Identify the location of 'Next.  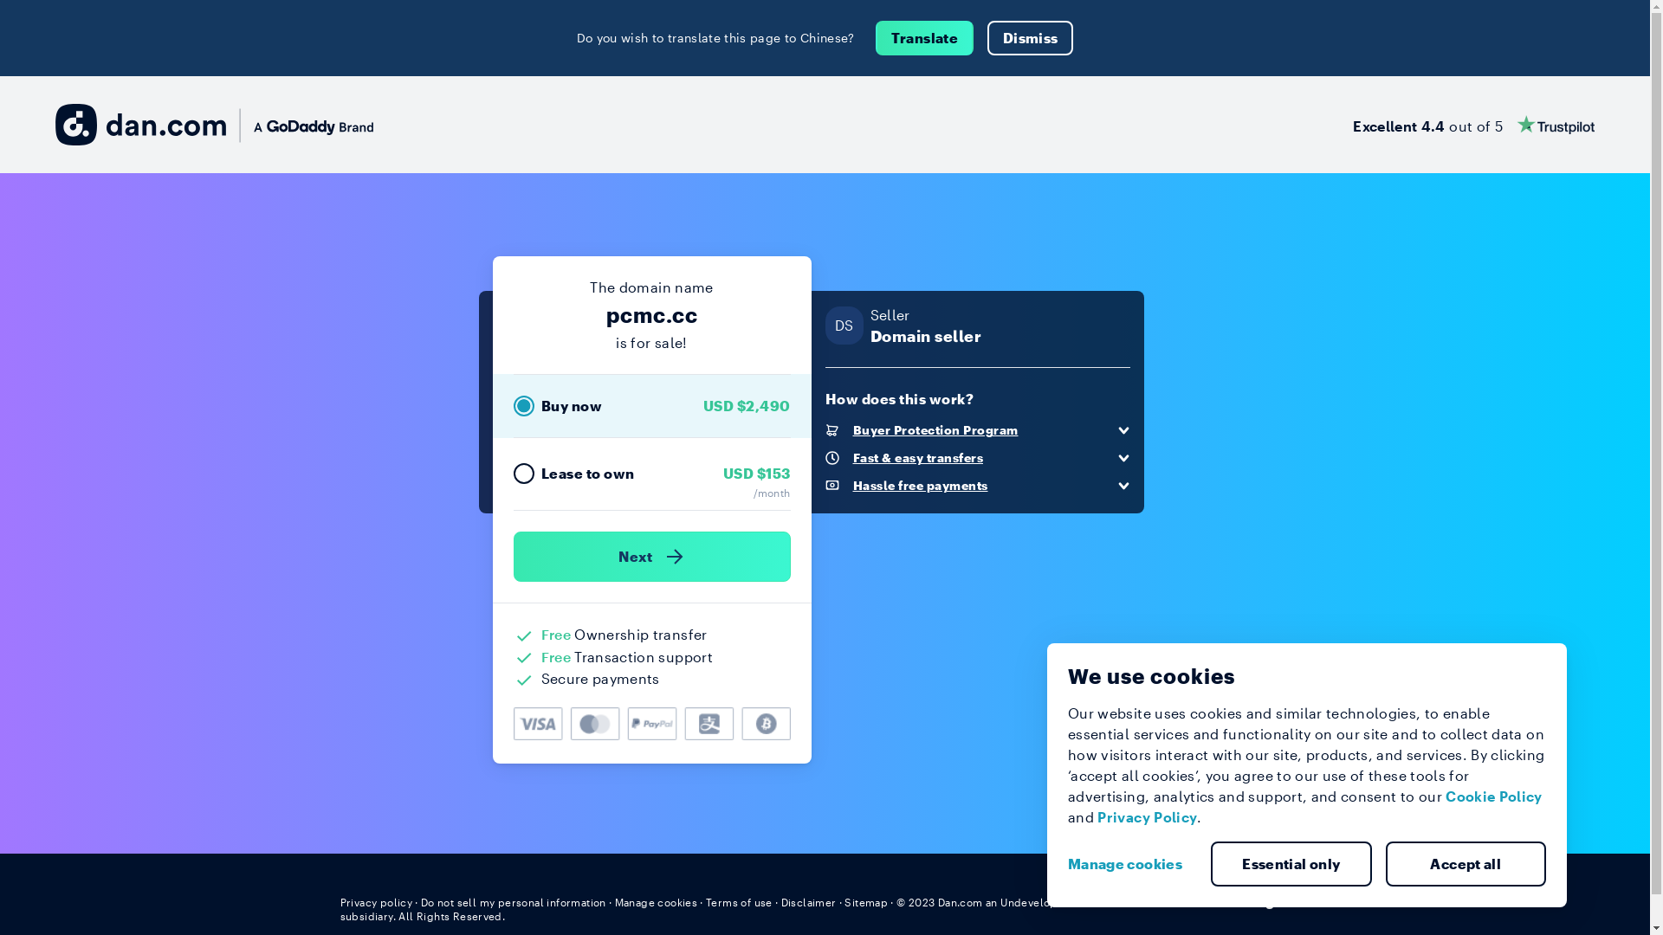
(650, 557).